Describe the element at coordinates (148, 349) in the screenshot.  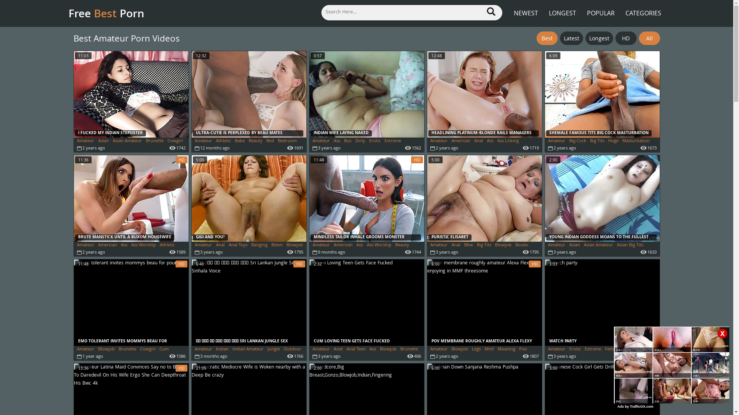
I see `'Cowgirl'` at that location.